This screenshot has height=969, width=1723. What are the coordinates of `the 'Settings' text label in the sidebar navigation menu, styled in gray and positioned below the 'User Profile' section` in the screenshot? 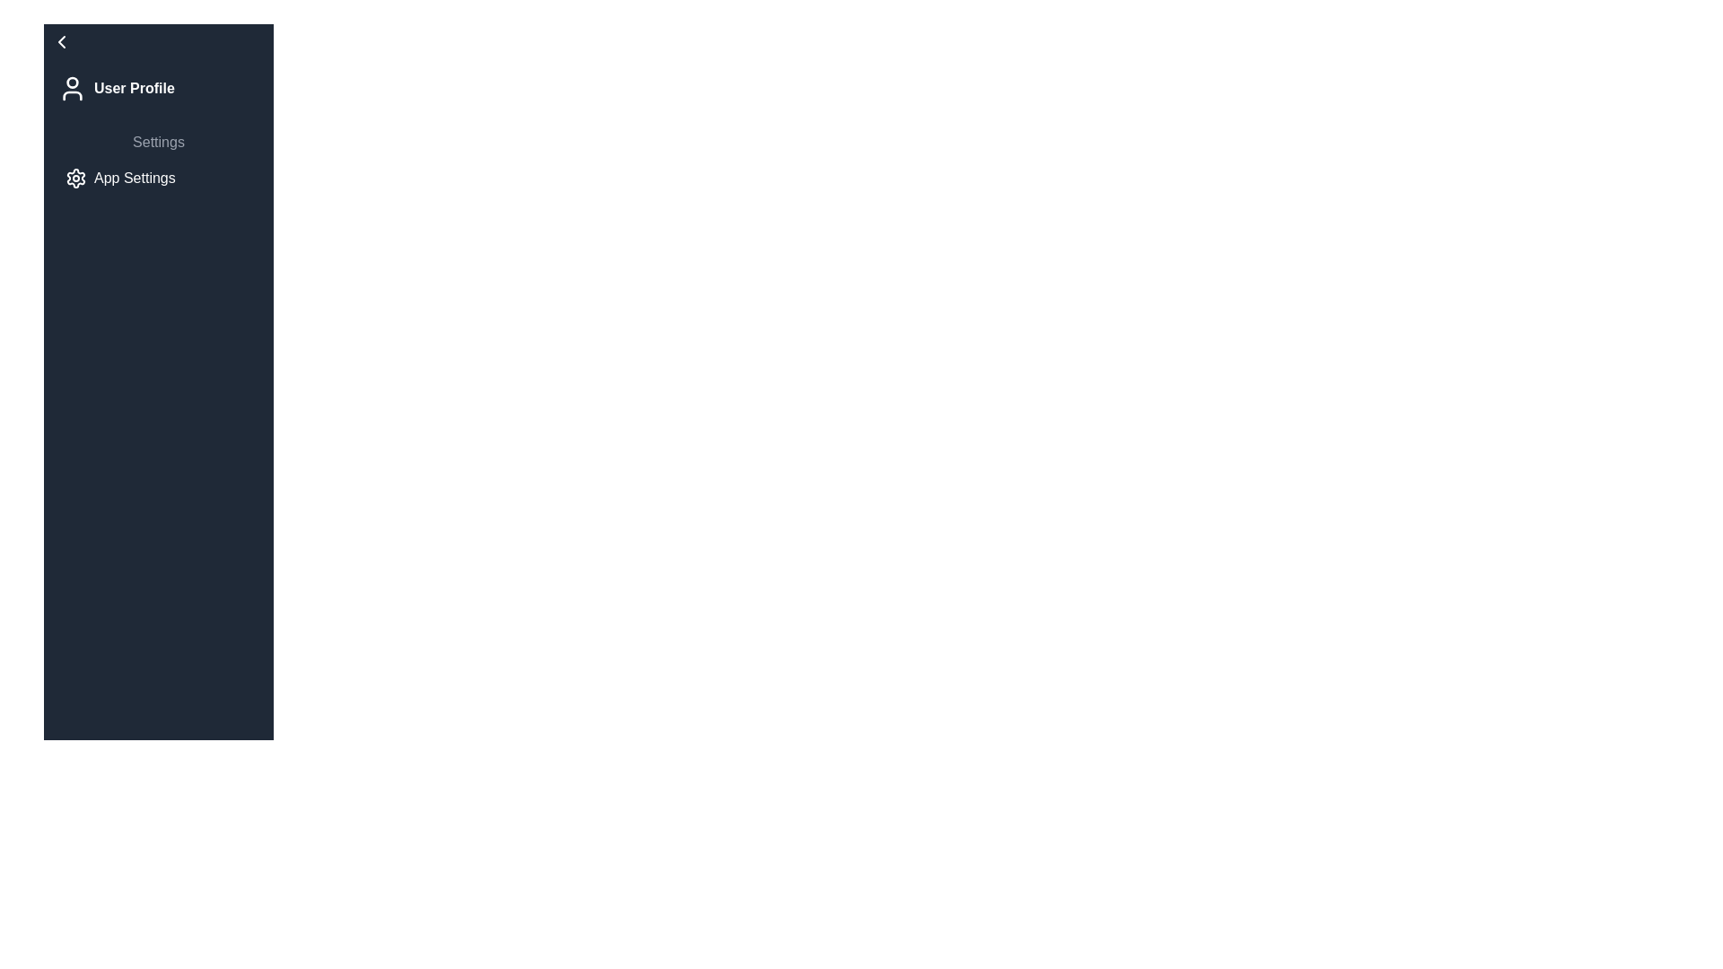 It's located at (159, 141).